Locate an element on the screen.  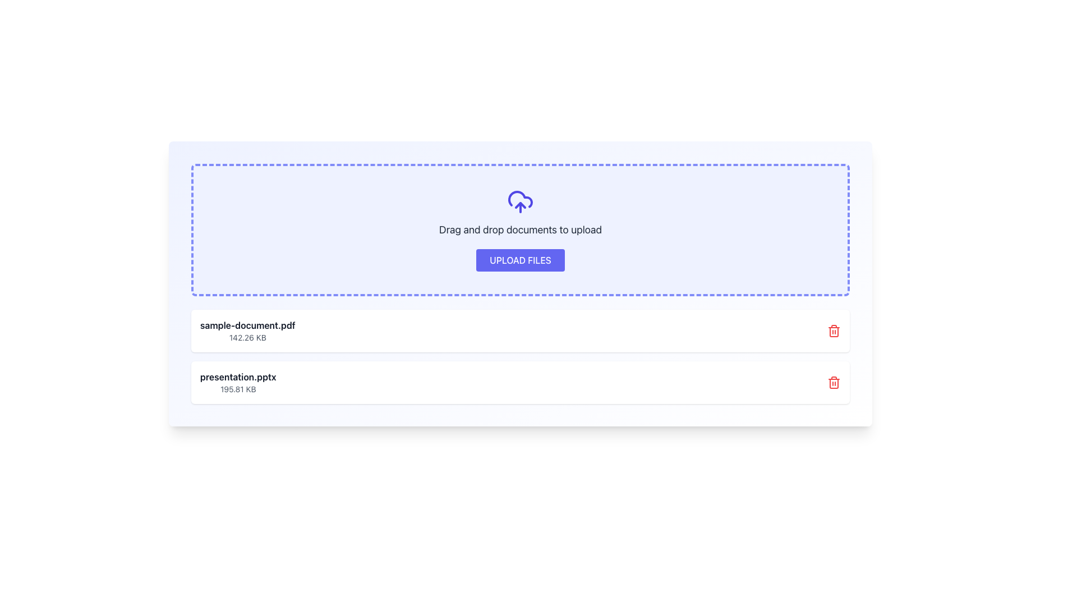
the outer curved boundary of the minimalistic cloud icon in the upload interface, which is positioned centrally above the 'UPLOAD FILES' button is located at coordinates (519, 199).